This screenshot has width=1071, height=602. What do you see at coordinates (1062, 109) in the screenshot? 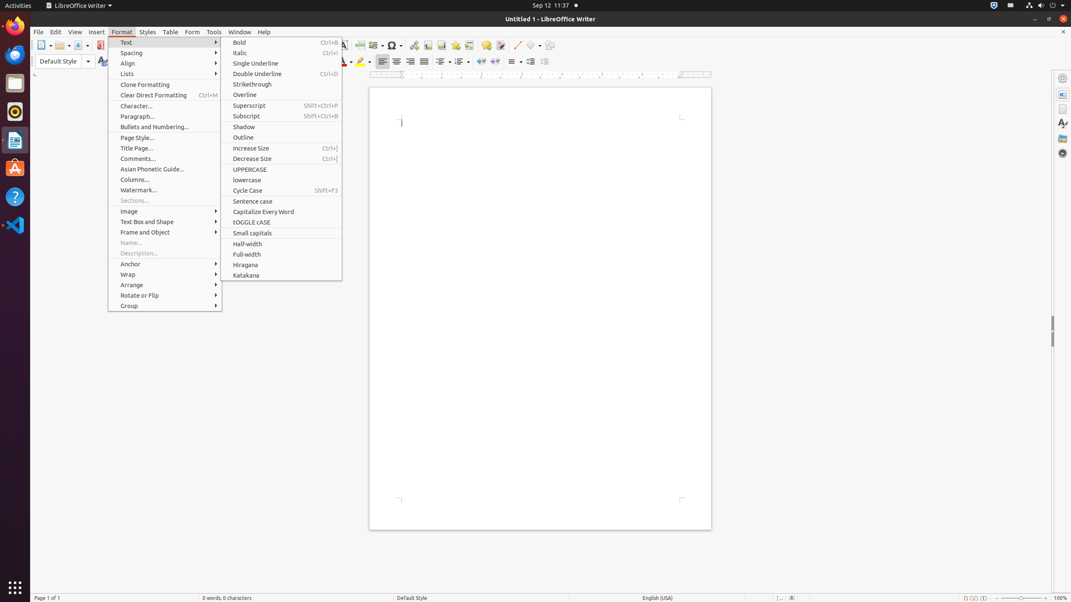
I see `'Page'` at bounding box center [1062, 109].